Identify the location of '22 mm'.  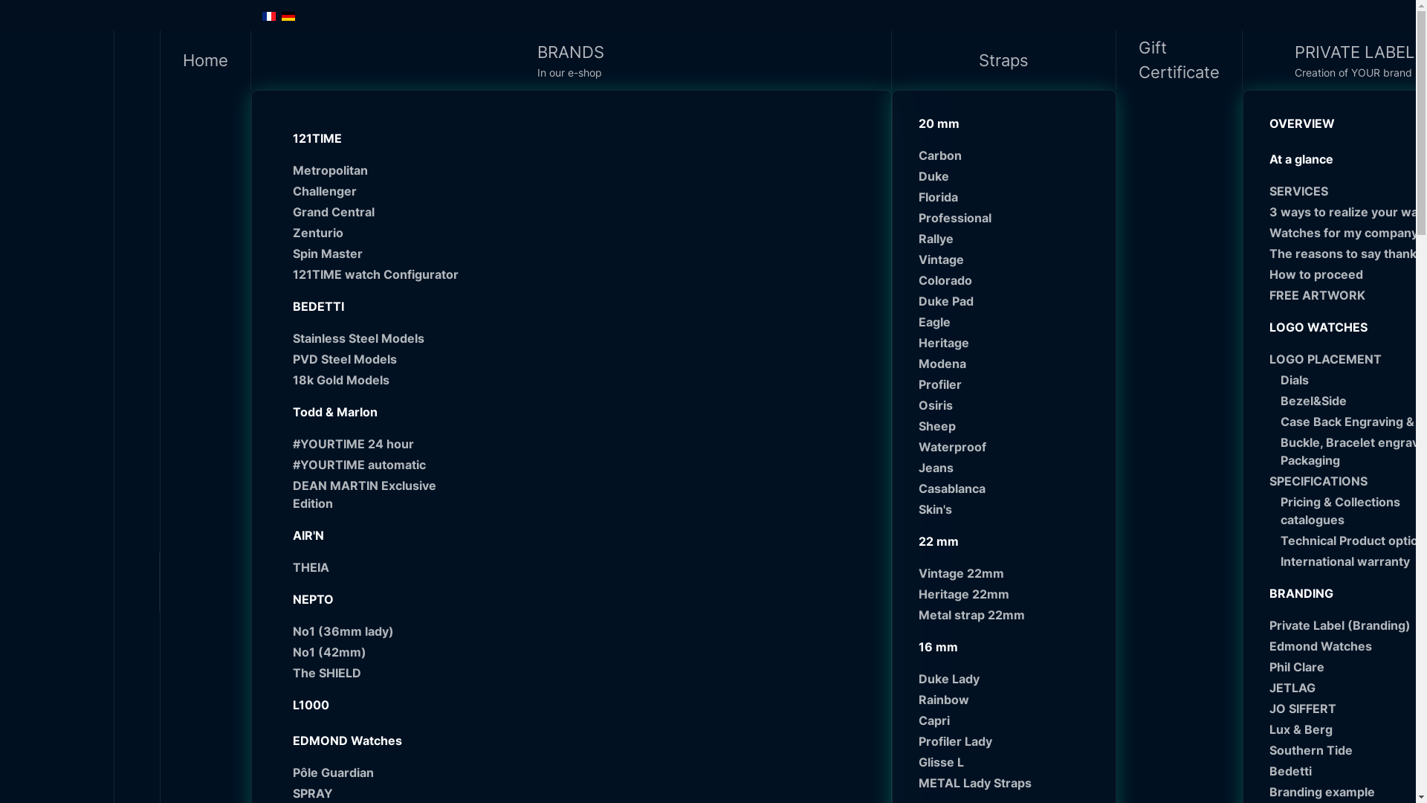
(1003, 541).